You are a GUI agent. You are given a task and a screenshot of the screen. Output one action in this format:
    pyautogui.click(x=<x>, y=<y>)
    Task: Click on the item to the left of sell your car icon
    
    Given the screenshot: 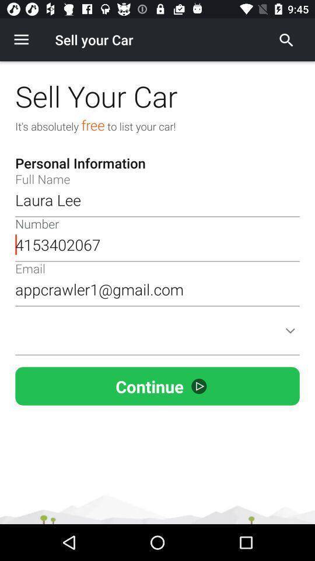 What is the action you would take?
    pyautogui.click(x=21, y=40)
    